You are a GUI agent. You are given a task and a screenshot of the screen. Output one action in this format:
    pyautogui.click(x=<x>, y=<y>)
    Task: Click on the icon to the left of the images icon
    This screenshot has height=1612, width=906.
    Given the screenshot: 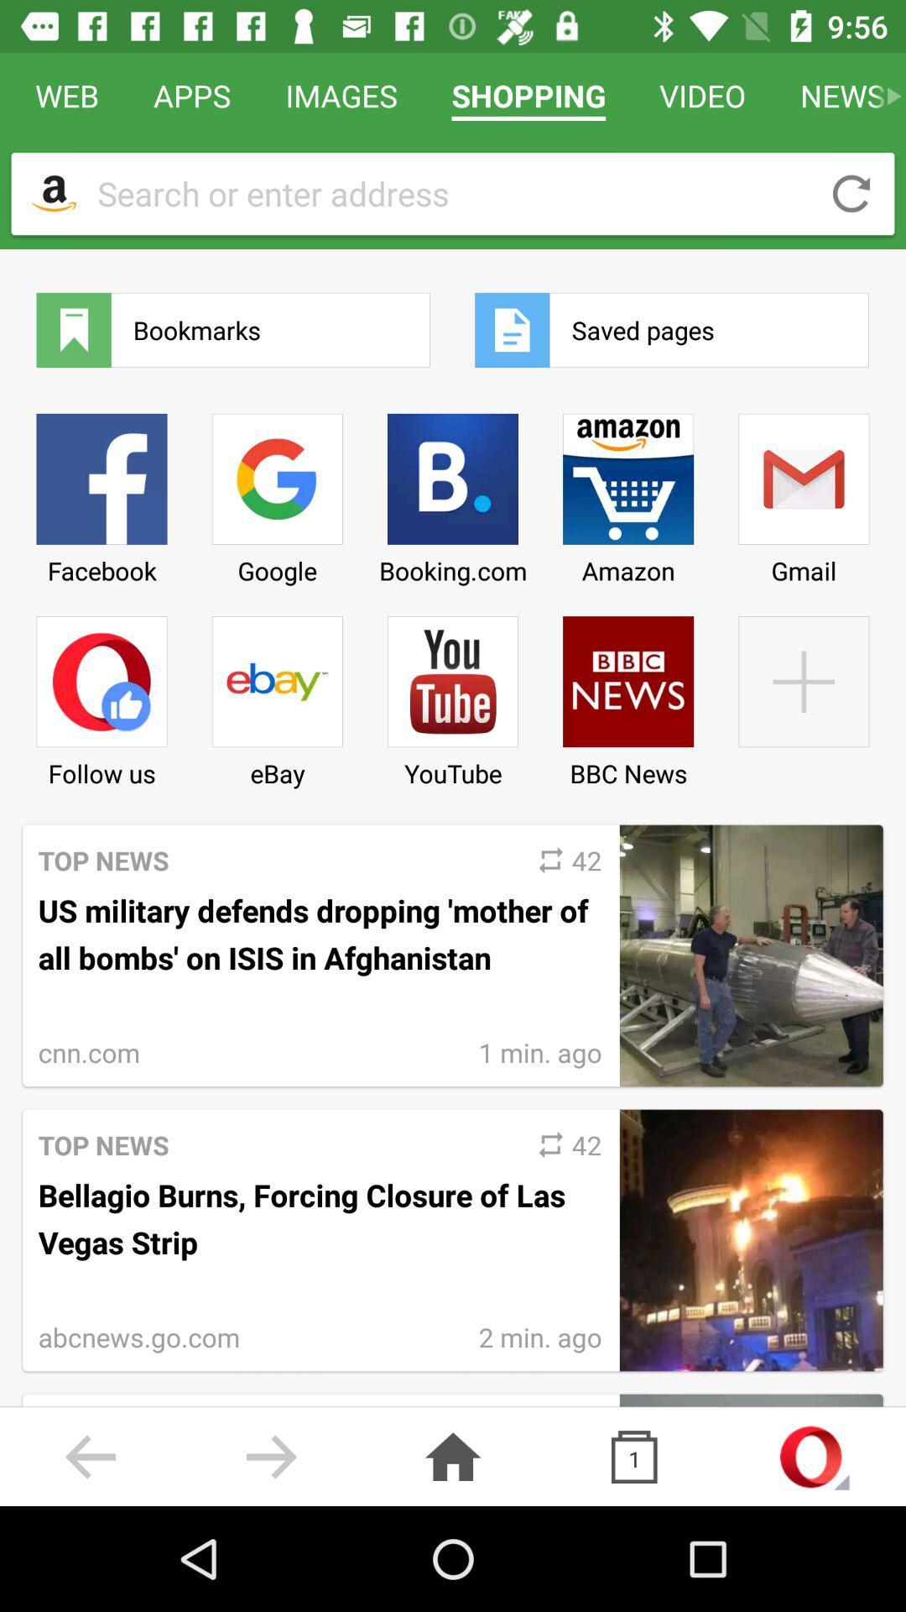 What is the action you would take?
    pyautogui.click(x=191, y=95)
    